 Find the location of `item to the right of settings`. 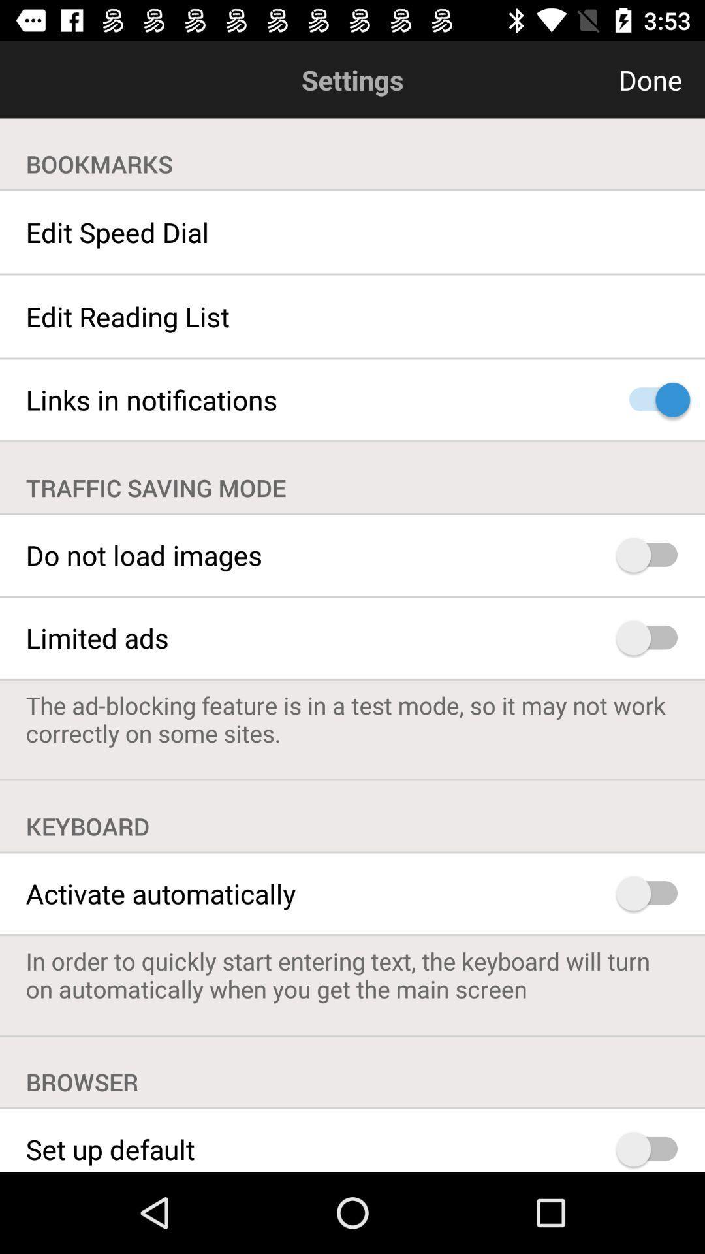

item to the right of settings is located at coordinates (586, 79).